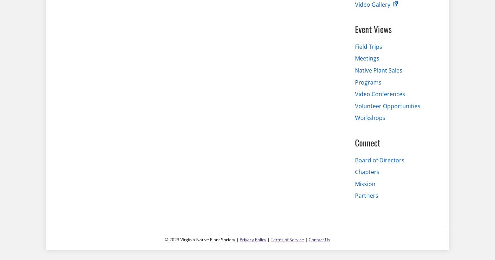 This screenshot has height=260, width=495. I want to click on 'Video Conferences', so click(380, 94).